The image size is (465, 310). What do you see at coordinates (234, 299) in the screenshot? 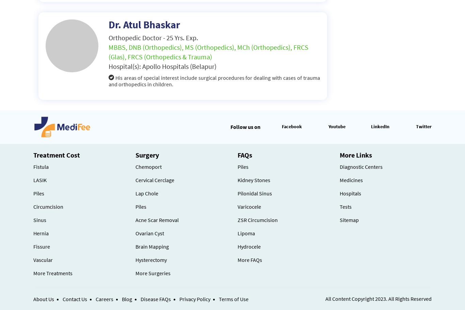
I see `'Terms of Use'` at bounding box center [234, 299].